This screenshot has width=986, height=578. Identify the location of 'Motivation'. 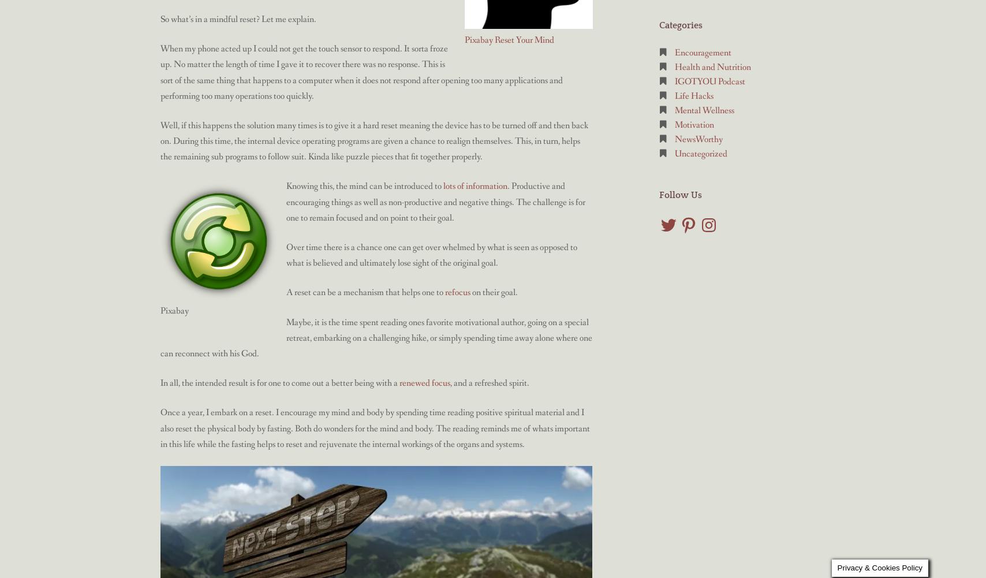
(694, 124).